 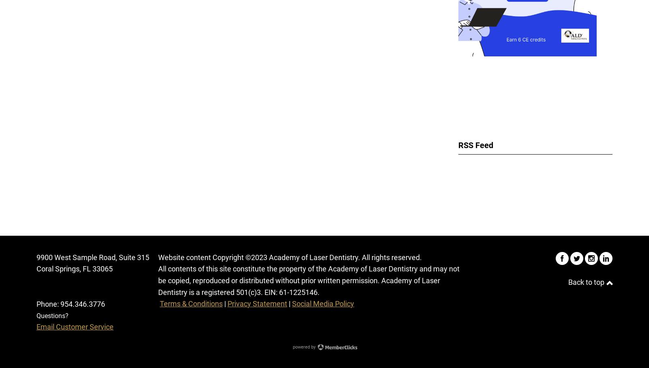 I want to click on 'Coral Springs, FL 33065', so click(x=36, y=268).